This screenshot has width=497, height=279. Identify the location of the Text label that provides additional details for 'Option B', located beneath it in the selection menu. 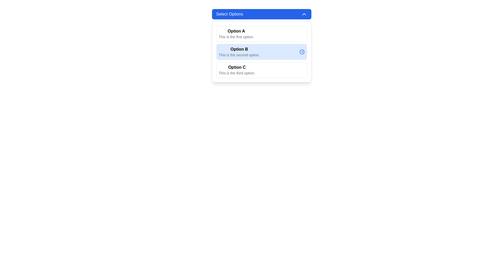
(239, 55).